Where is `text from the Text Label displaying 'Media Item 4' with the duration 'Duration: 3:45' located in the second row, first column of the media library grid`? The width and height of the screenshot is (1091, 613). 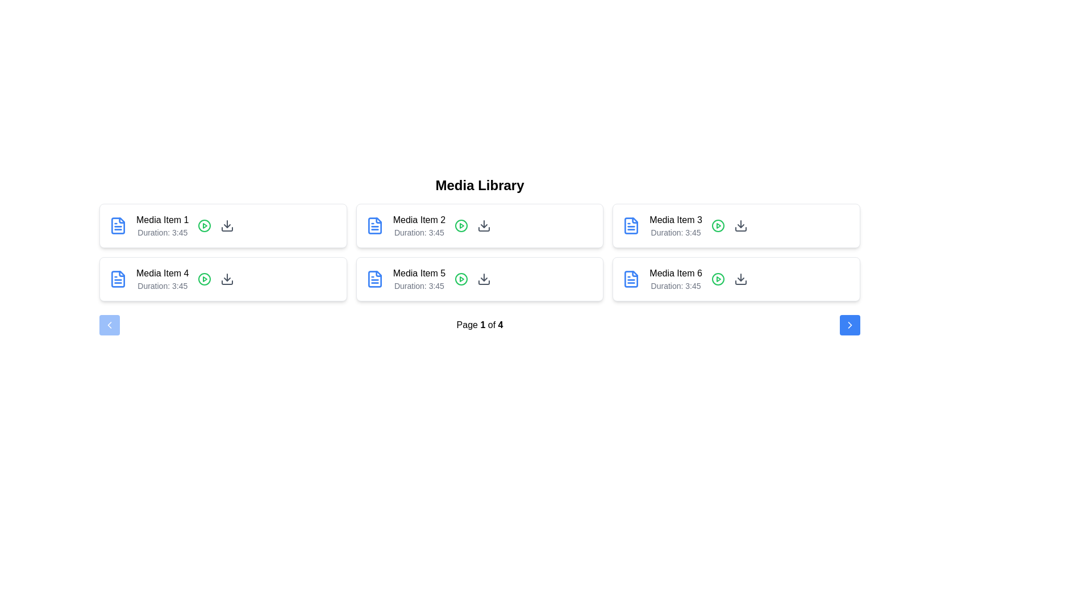
text from the Text Label displaying 'Media Item 4' with the duration 'Duration: 3:45' located in the second row, first column of the media library grid is located at coordinates (162, 279).